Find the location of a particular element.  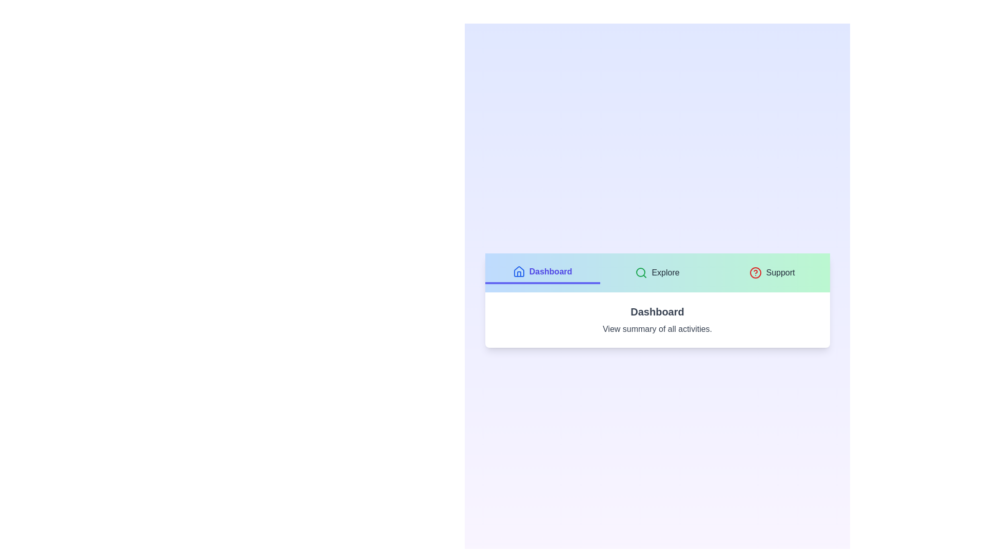

the tab Support in the VibrantTabs component is located at coordinates (772, 272).